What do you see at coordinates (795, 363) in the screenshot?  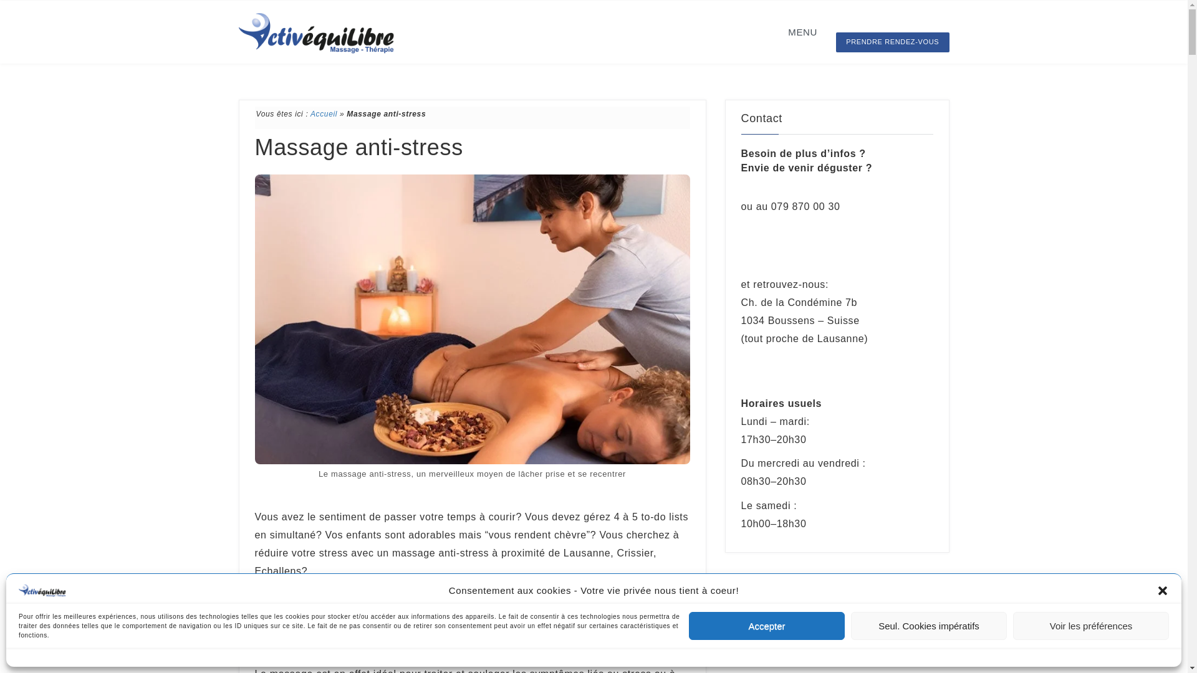 I see `'Lien Google Maps'` at bounding box center [795, 363].